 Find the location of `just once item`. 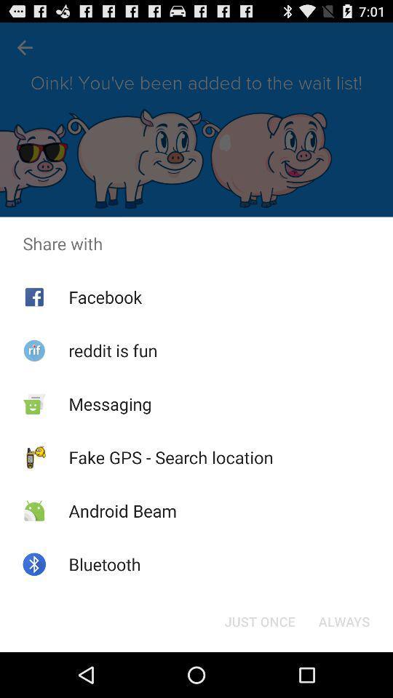

just once item is located at coordinates (259, 620).